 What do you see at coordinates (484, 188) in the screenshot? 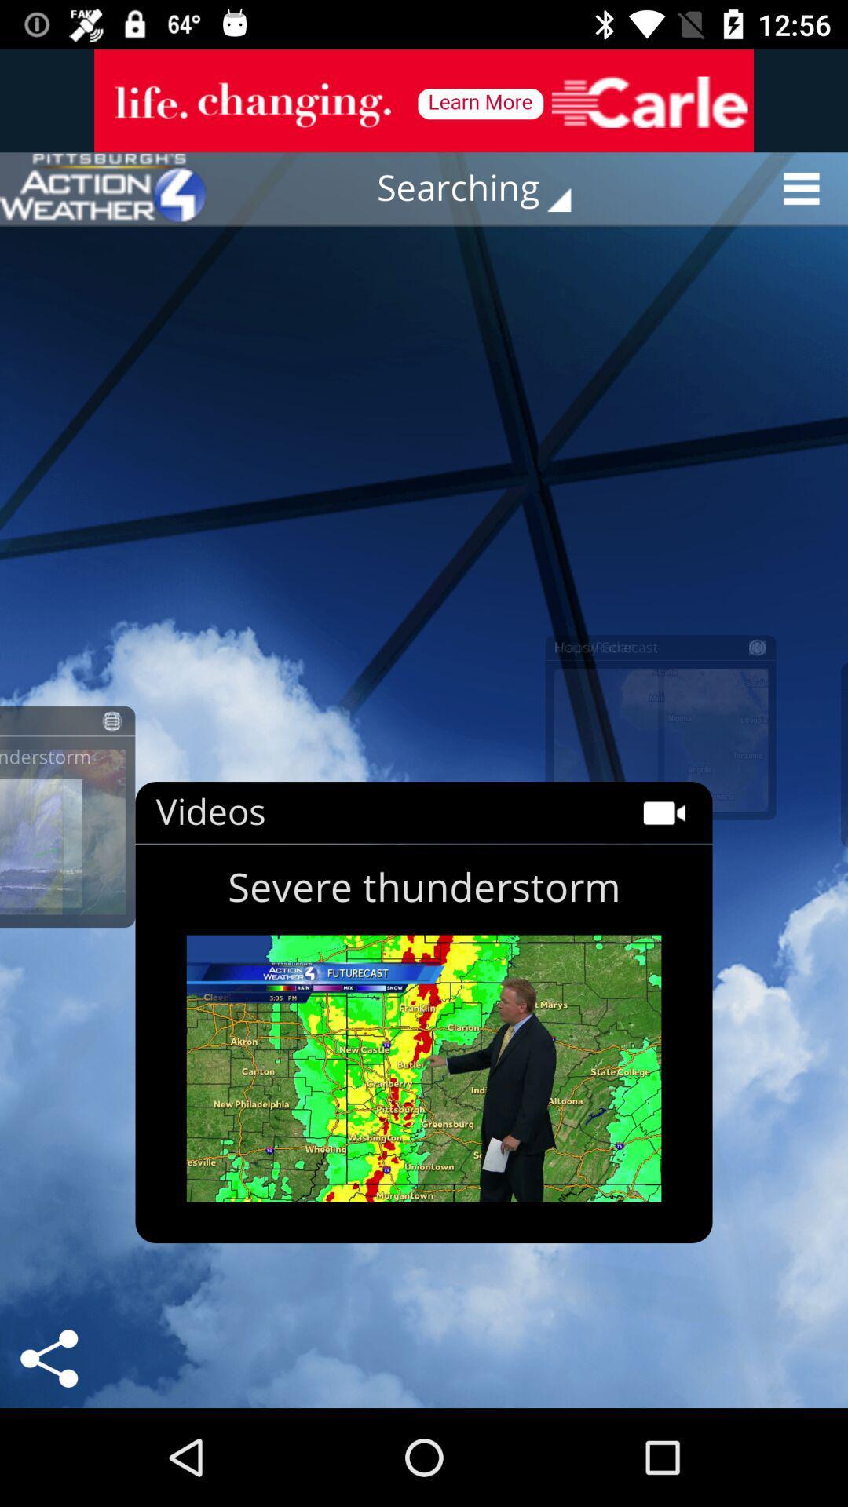
I see `the button searching on the web page` at bounding box center [484, 188].